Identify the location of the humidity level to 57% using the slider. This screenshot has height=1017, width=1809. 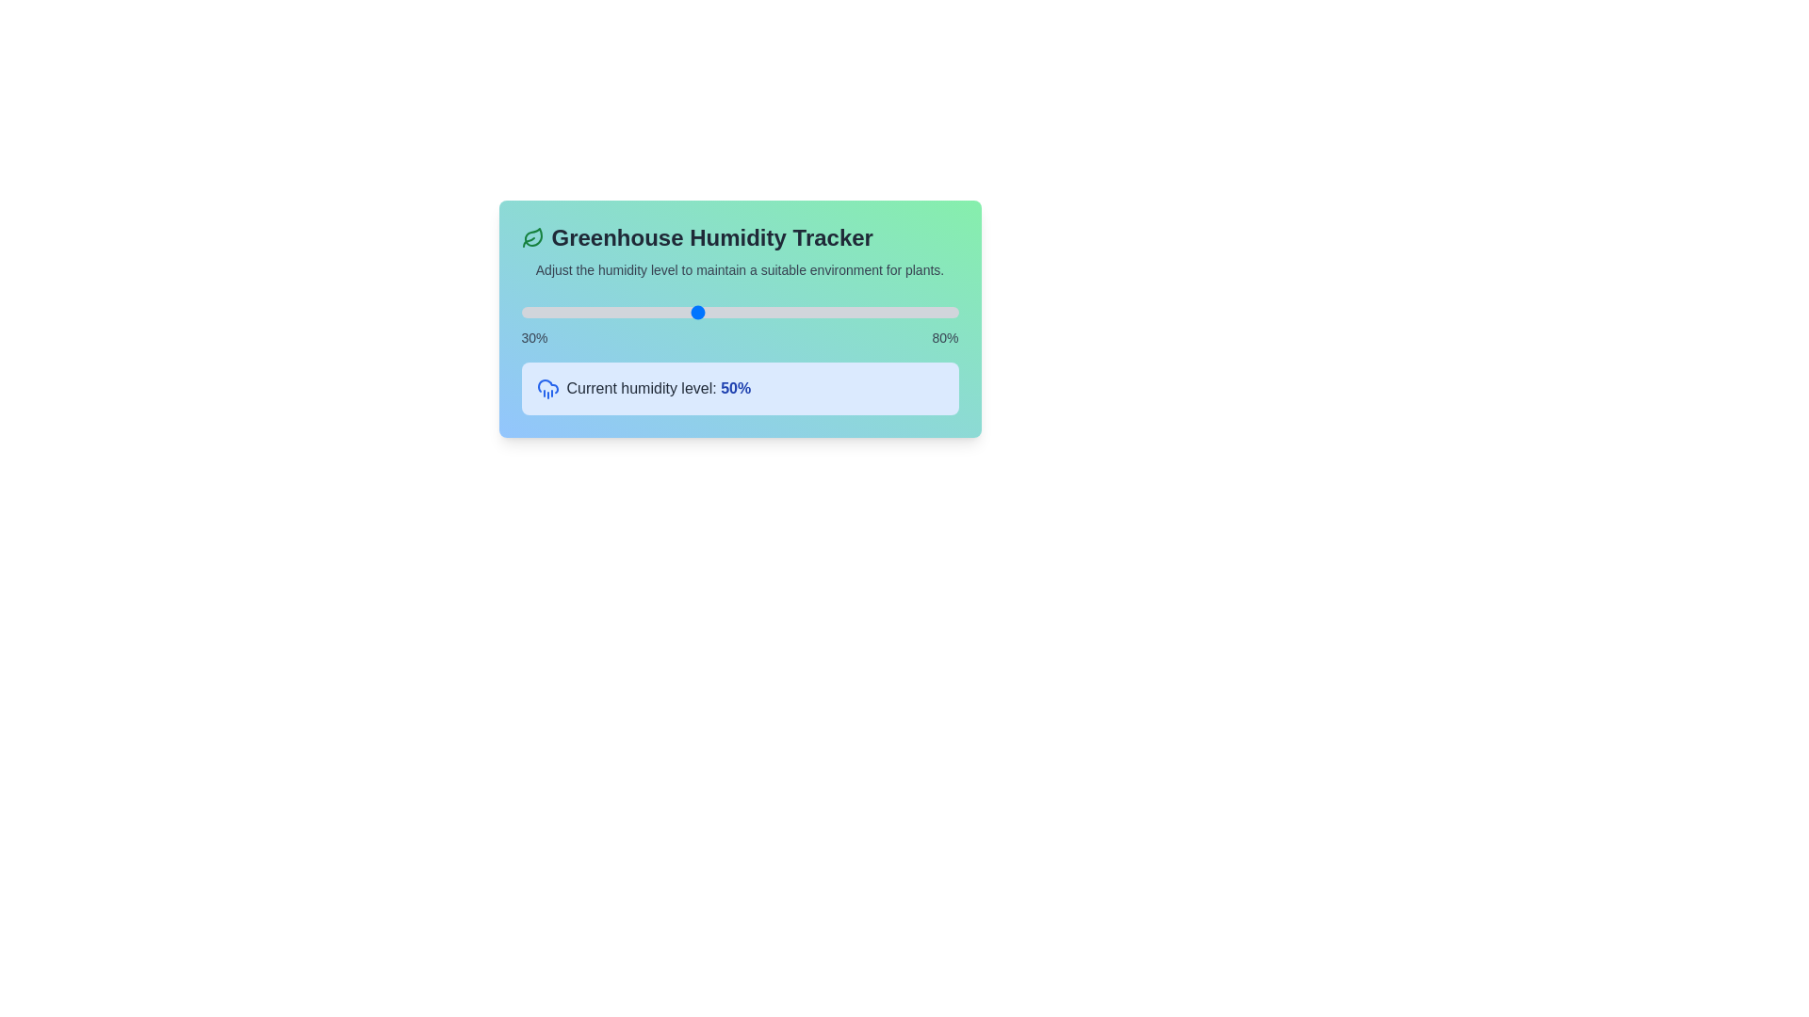
(758, 311).